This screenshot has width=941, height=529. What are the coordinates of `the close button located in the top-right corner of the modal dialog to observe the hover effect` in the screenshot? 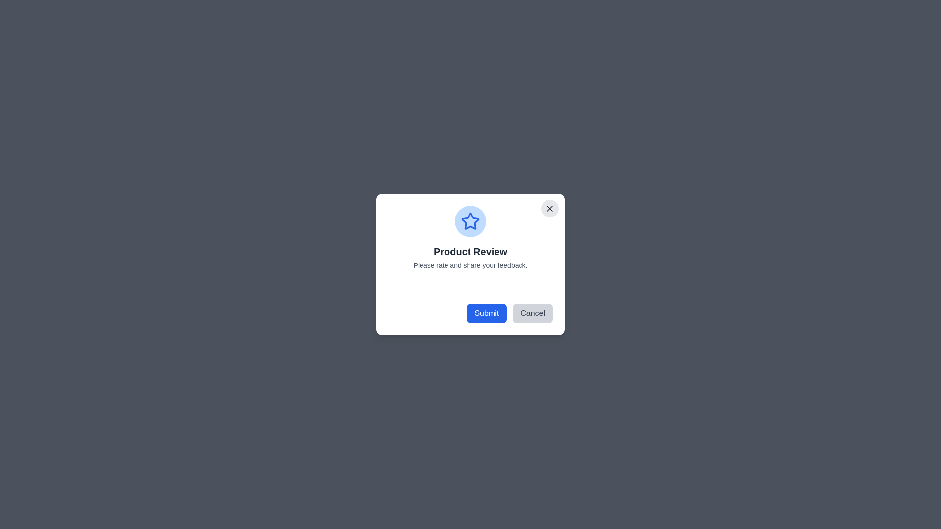 It's located at (550, 208).